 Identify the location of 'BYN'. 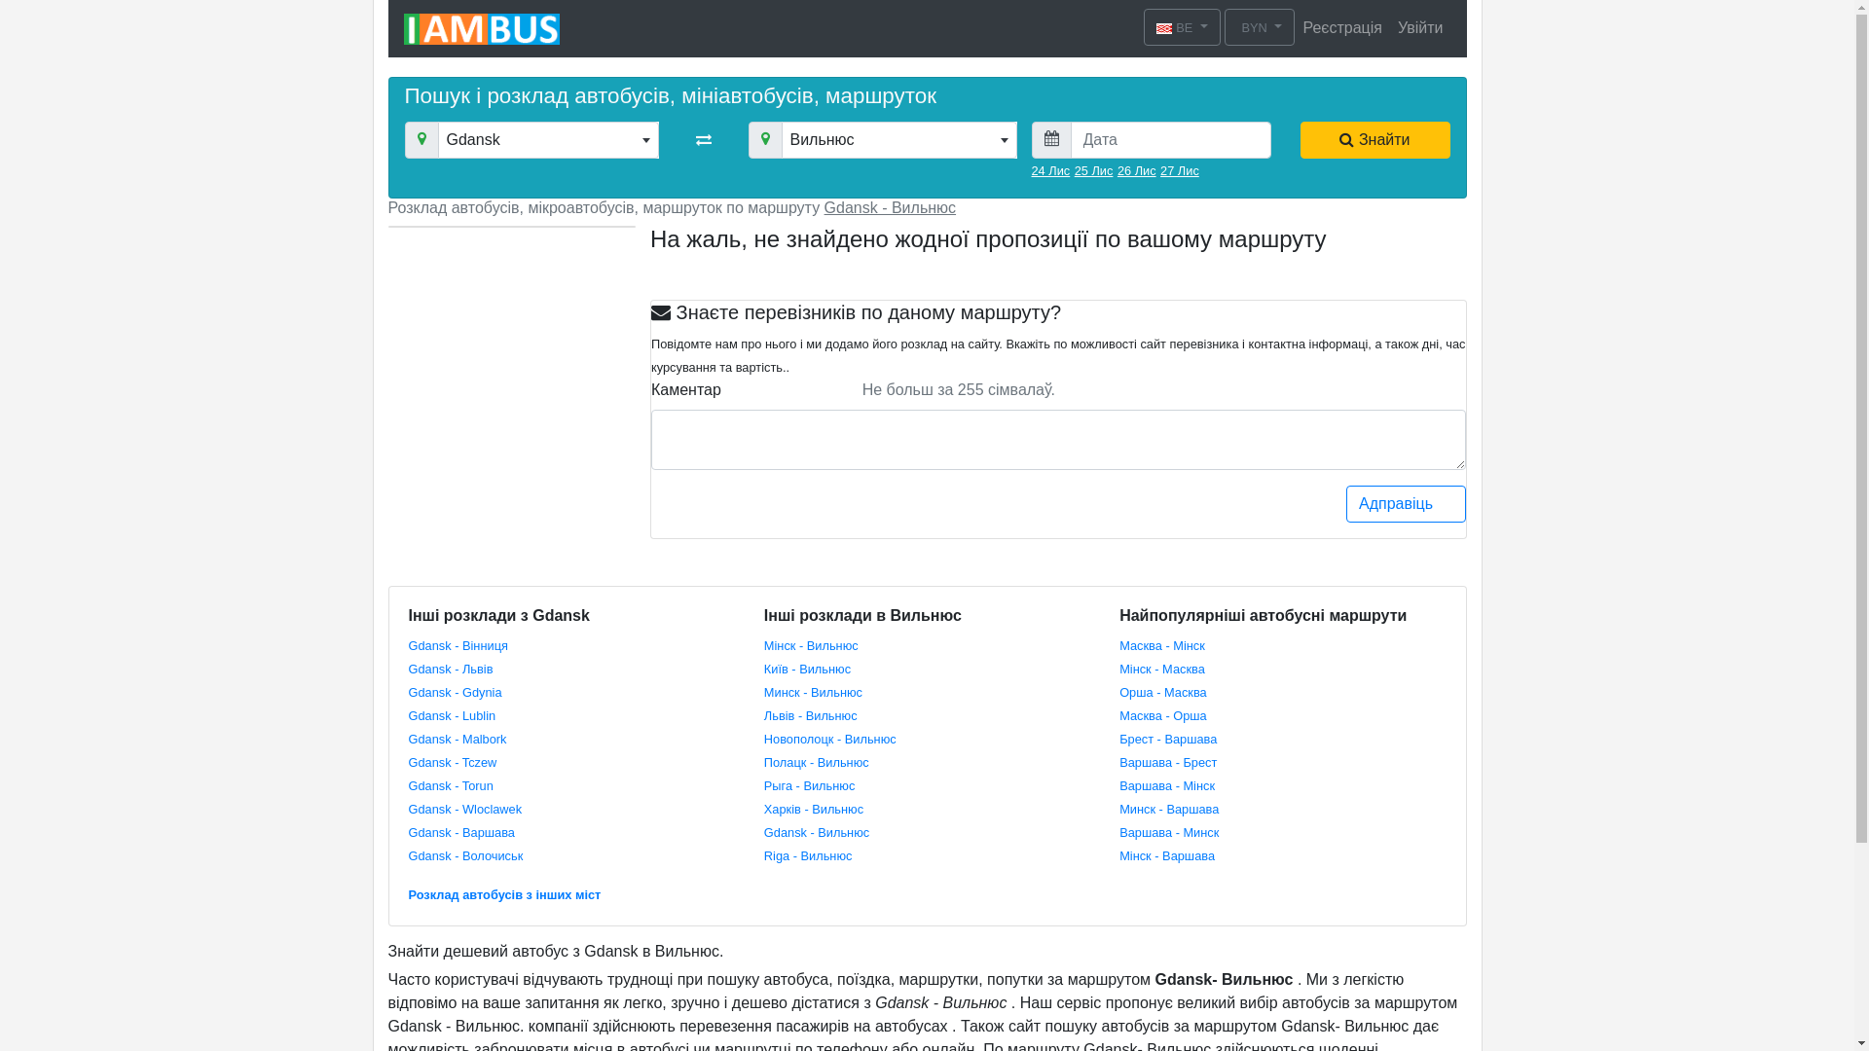
(1260, 26).